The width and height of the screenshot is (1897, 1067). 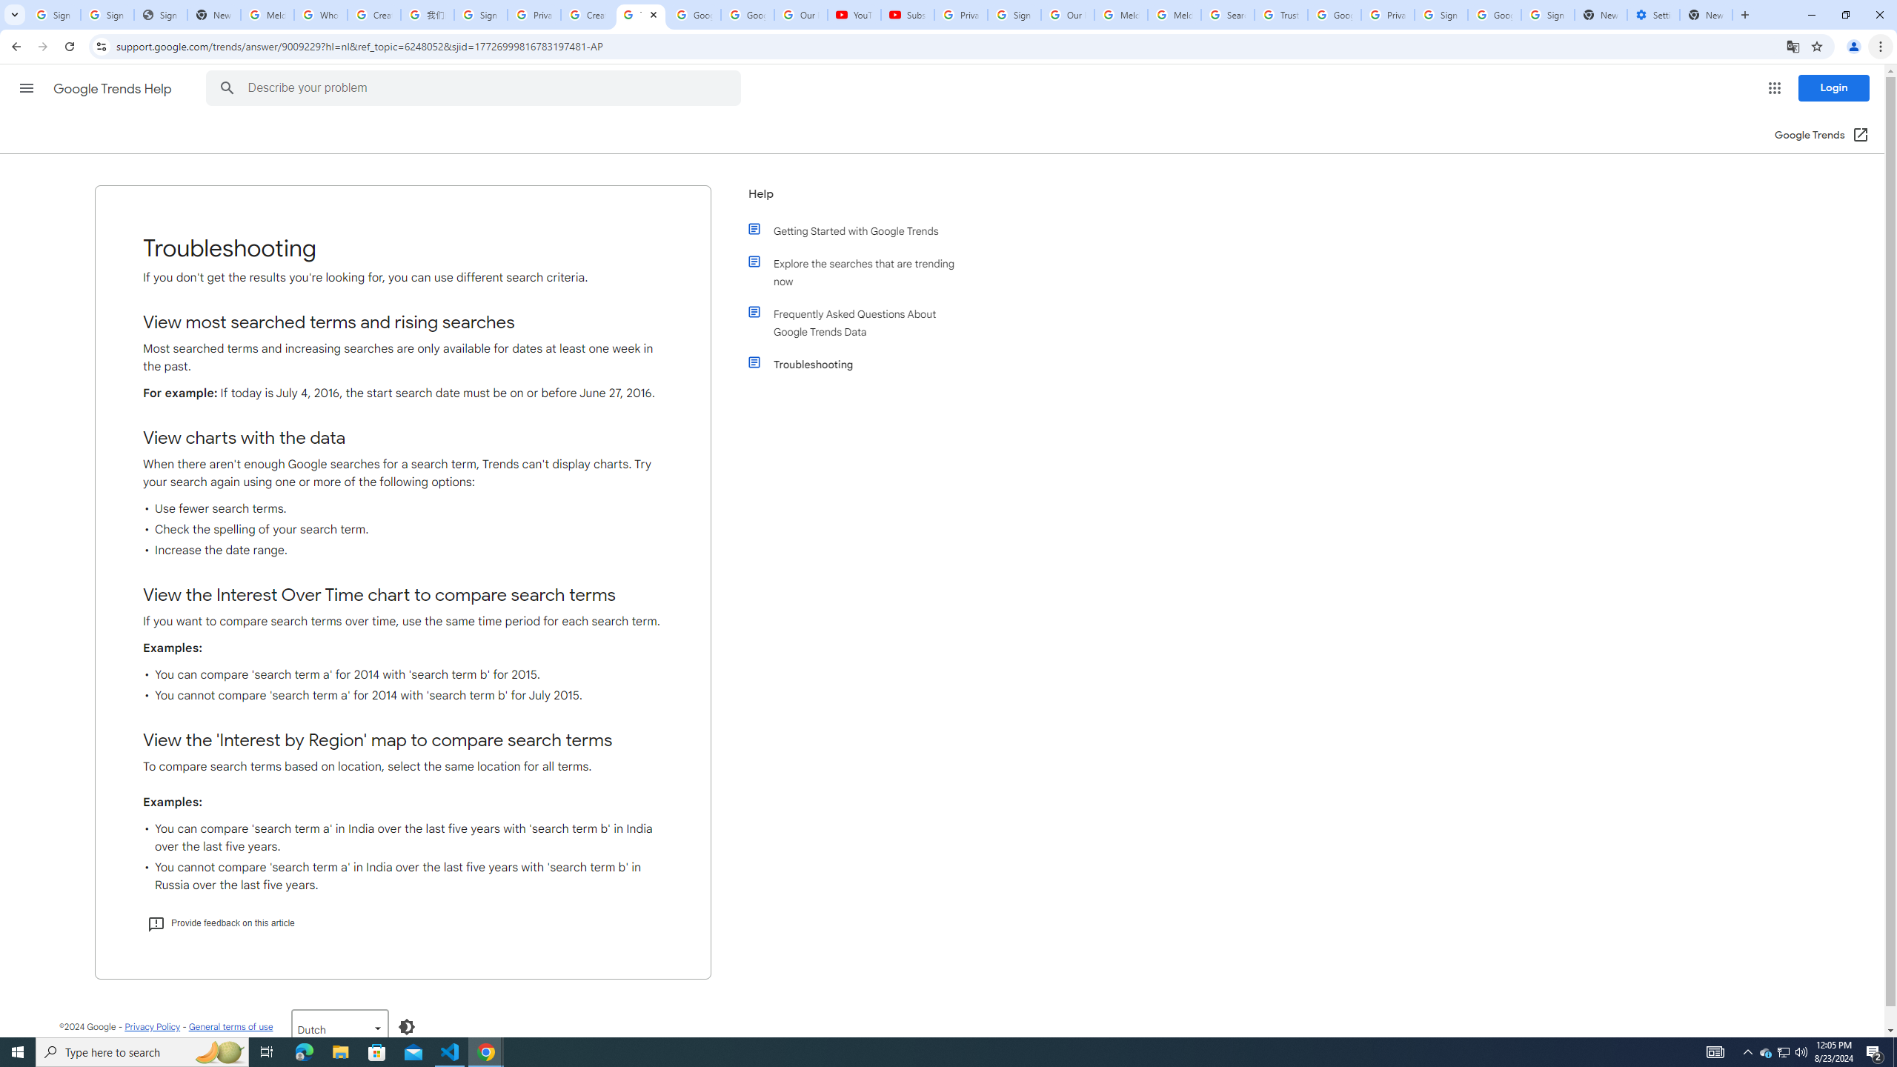 What do you see at coordinates (1706, 14) in the screenshot?
I see `'New Tab'` at bounding box center [1706, 14].